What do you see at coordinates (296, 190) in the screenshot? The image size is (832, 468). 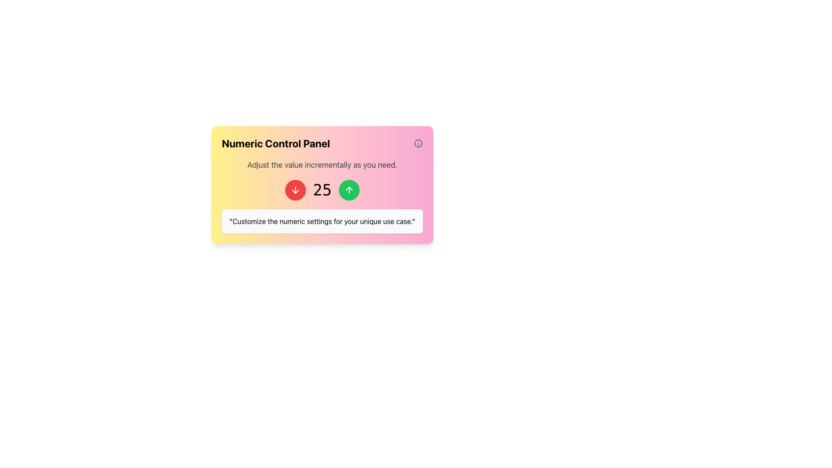 I see `the left button in the 'Numeric Control Panel' to decrease the value displayed next to it` at bounding box center [296, 190].